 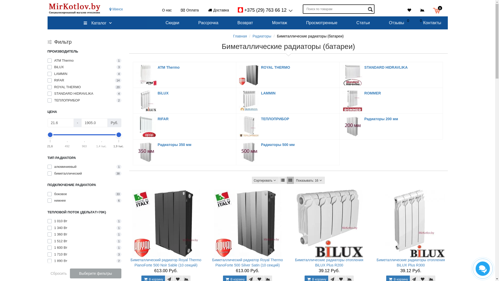 I want to click on '0', so click(x=424, y=10).